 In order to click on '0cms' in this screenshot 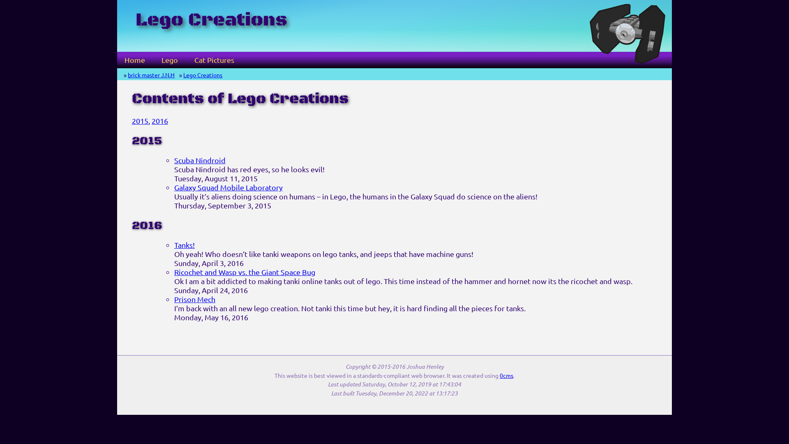, I will do `click(506, 375)`.